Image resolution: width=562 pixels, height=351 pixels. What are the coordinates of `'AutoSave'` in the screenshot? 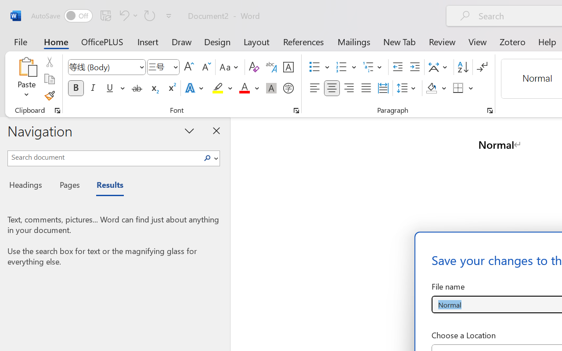 It's located at (61, 15).